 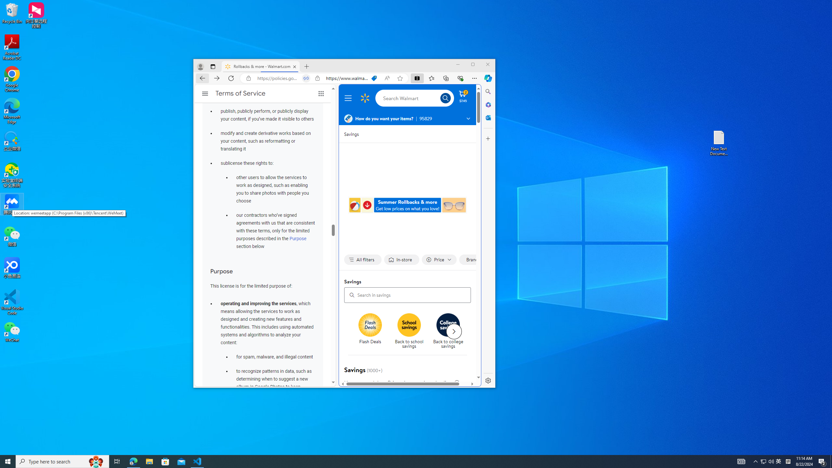 I want to click on 'Visual Studio Code', so click(x=12, y=302).